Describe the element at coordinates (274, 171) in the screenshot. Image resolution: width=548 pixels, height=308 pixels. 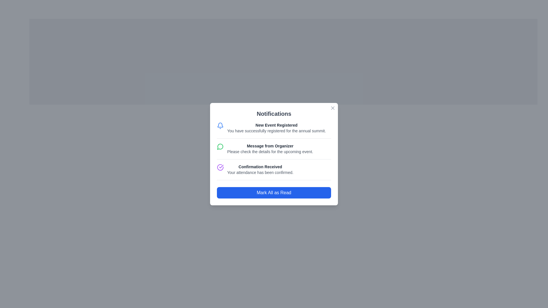
I see `the notification item displaying 'Confirmation Received' in the notifications panel, which is the third item in the list` at that location.